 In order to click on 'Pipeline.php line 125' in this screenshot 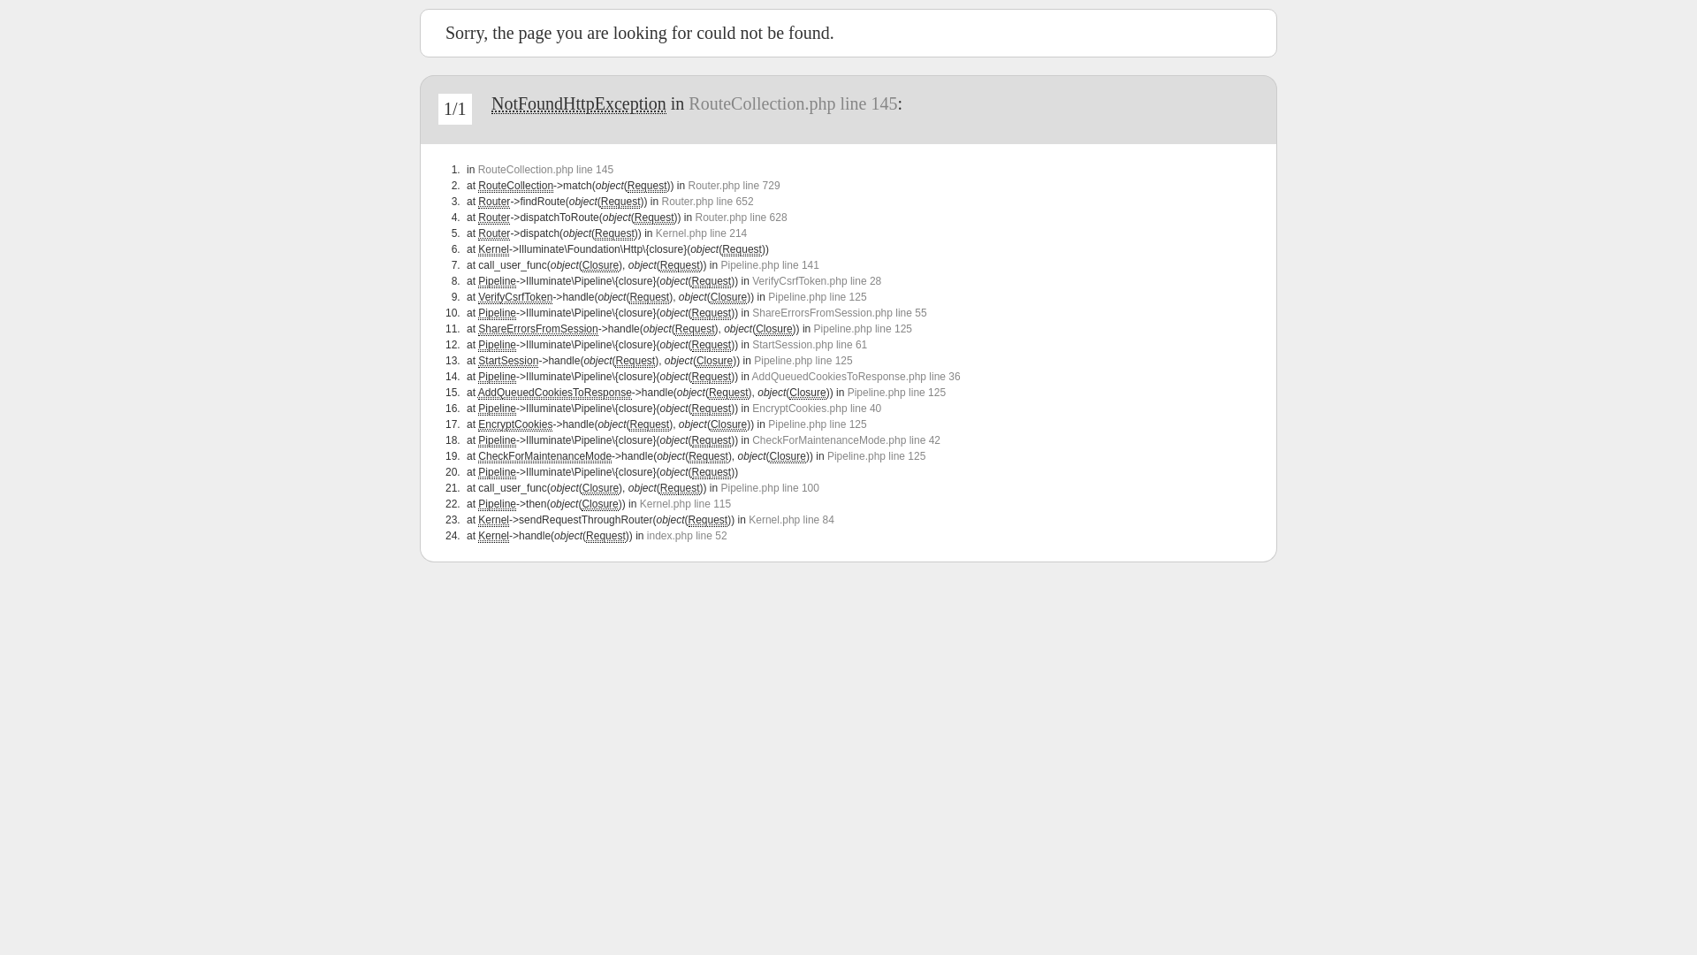, I will do `click(896, 391)`.